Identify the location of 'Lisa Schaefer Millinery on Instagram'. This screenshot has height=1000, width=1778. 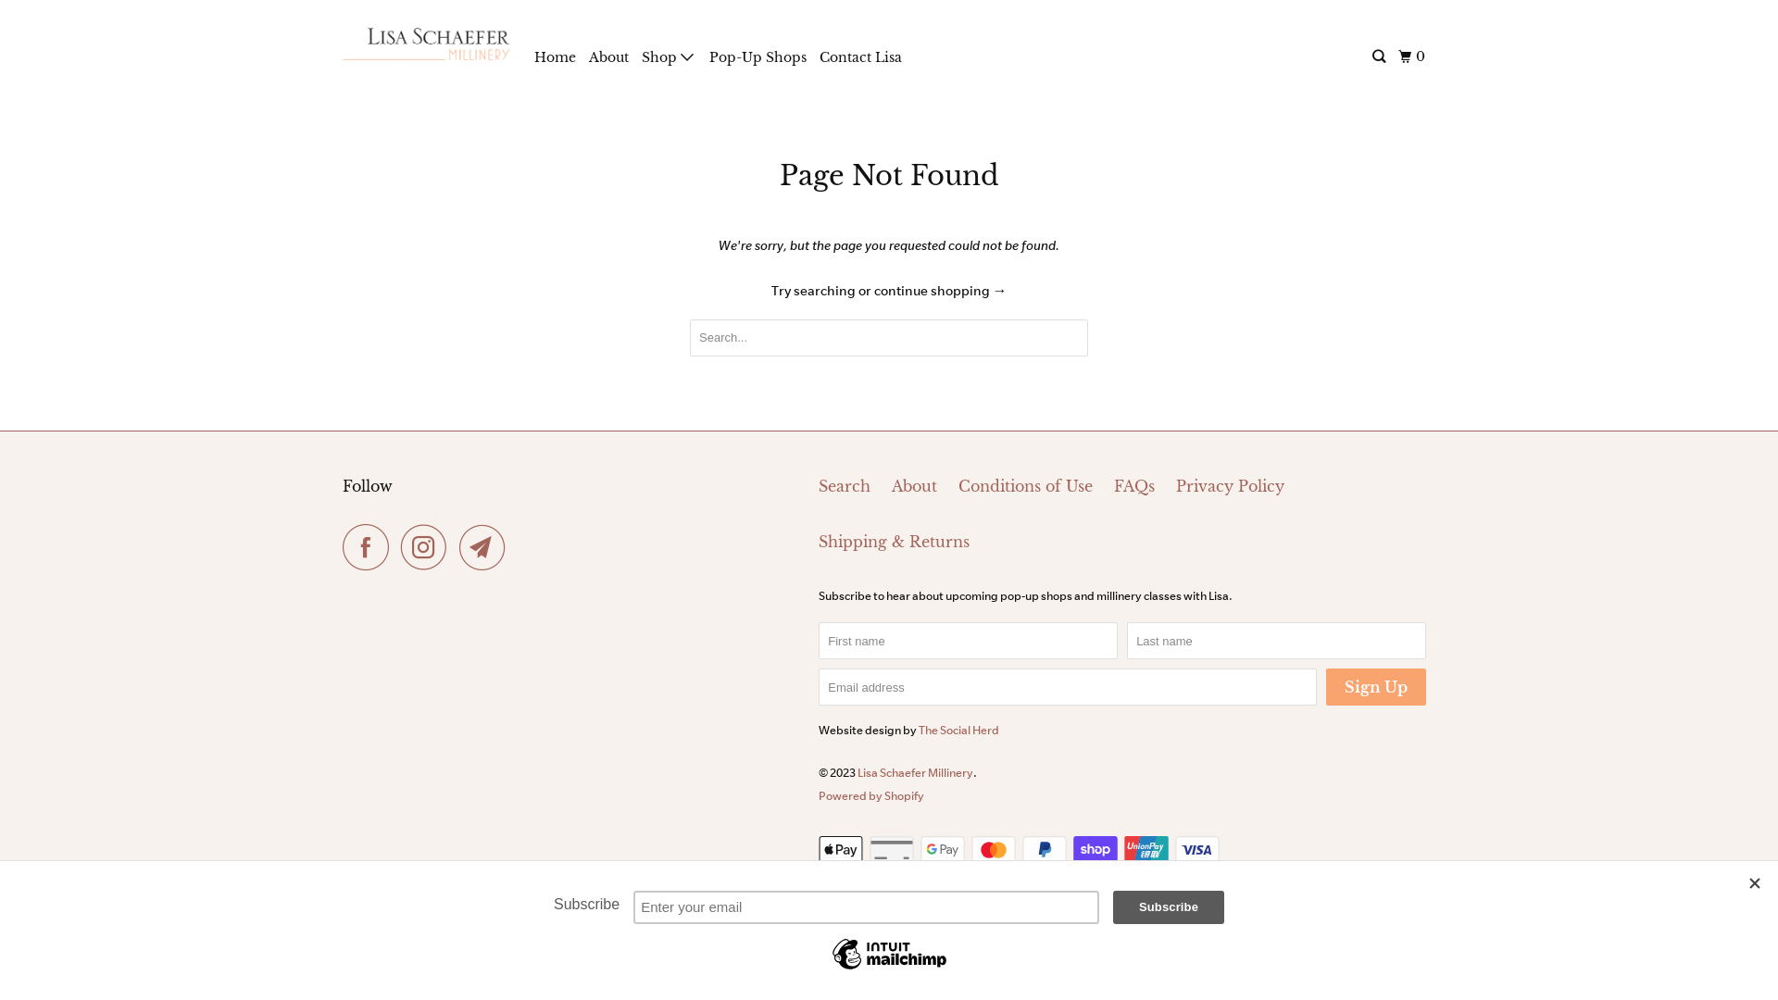
(427, 545).